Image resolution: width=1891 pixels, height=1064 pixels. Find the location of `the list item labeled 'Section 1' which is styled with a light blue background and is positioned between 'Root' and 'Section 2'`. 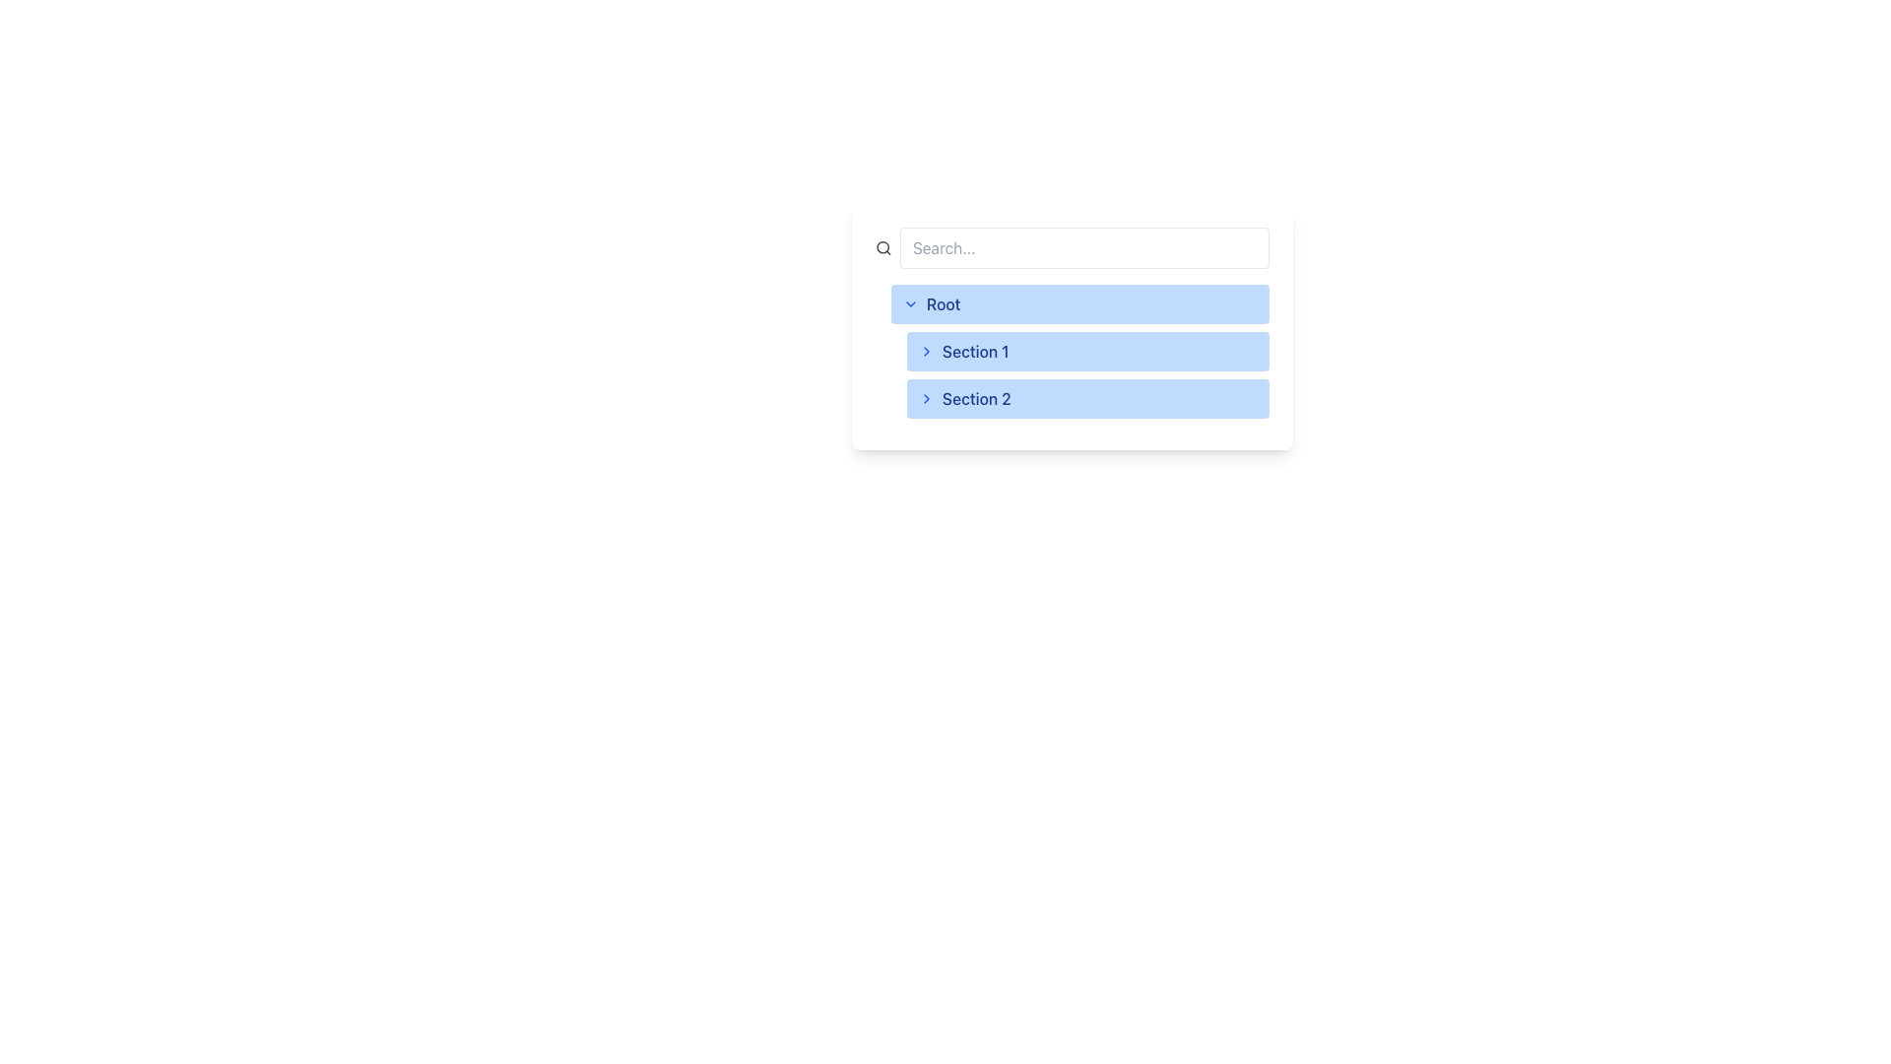

the list item labeled 'Section 1' which is styled with a light blue background and is positioned between 'Root' and 'Section 2' is located at coordinates (1079, 351).